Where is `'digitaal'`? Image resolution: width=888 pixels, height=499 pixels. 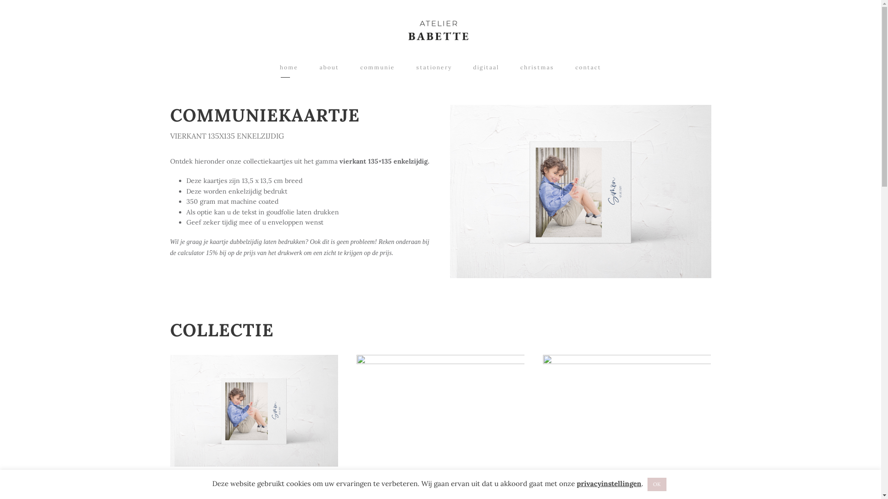 'digitaal' is located at coordinates (473, 69).